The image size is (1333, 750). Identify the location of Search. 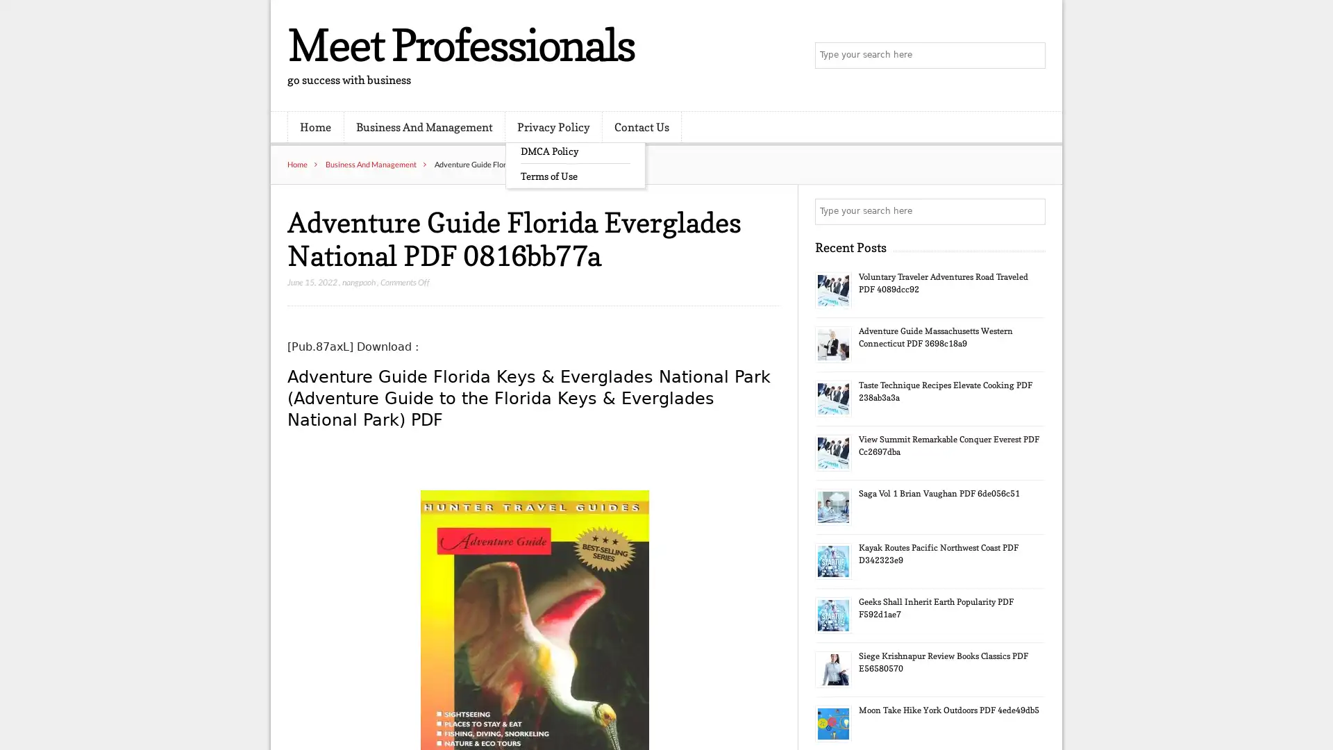
(1031, 211).